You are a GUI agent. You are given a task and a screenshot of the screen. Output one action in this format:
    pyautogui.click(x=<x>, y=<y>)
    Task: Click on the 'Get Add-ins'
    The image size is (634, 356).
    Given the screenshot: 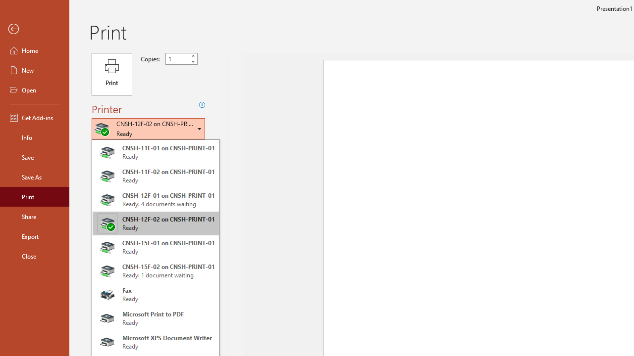 What is the action you would take?
    pyautogui.click(x=34, y=117)
    